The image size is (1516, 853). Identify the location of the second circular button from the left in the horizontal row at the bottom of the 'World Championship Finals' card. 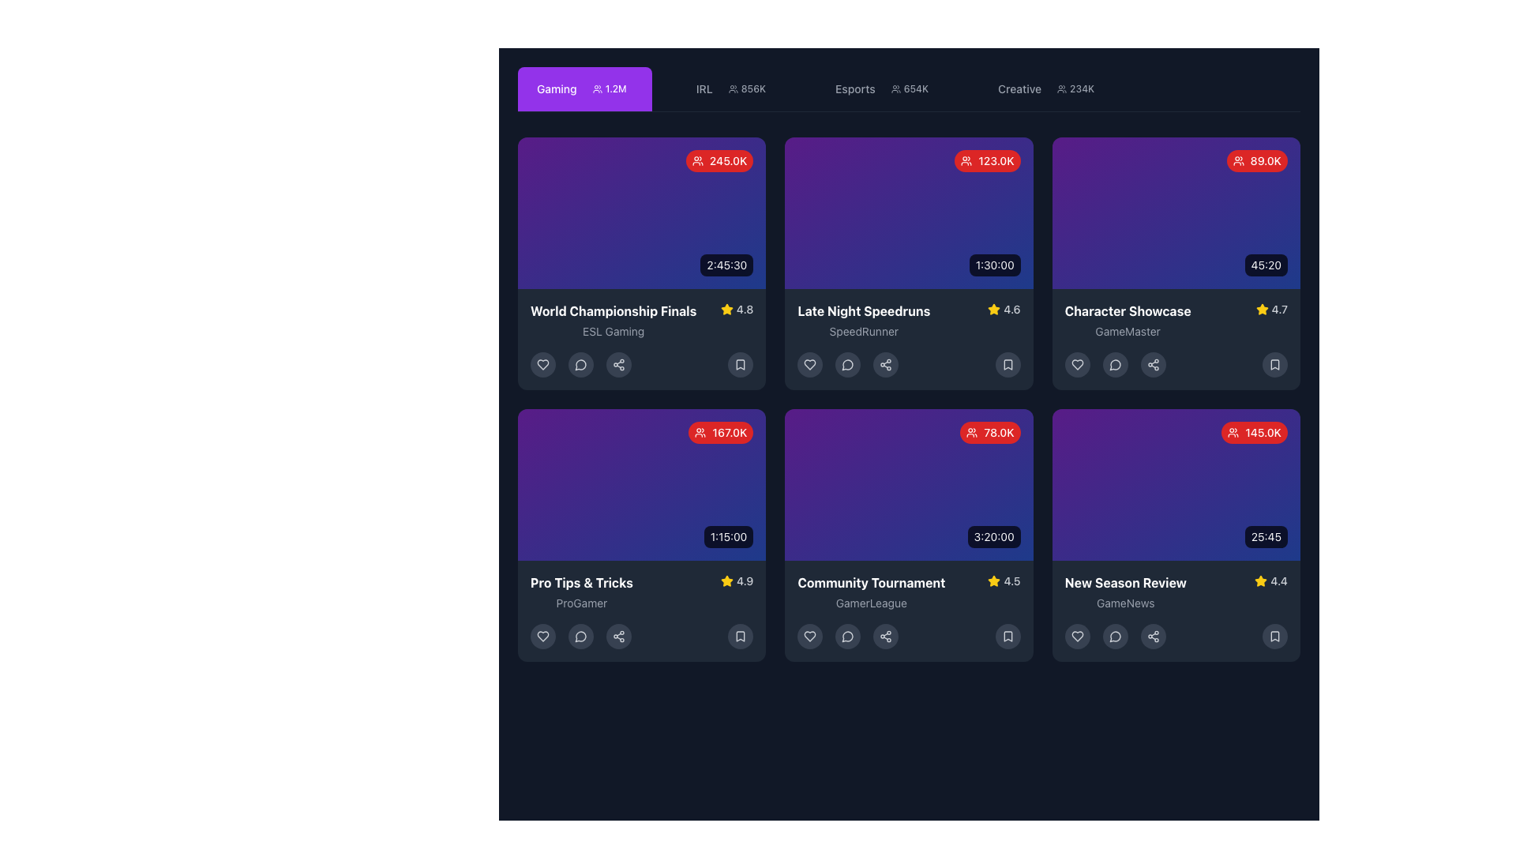
(580, 365).